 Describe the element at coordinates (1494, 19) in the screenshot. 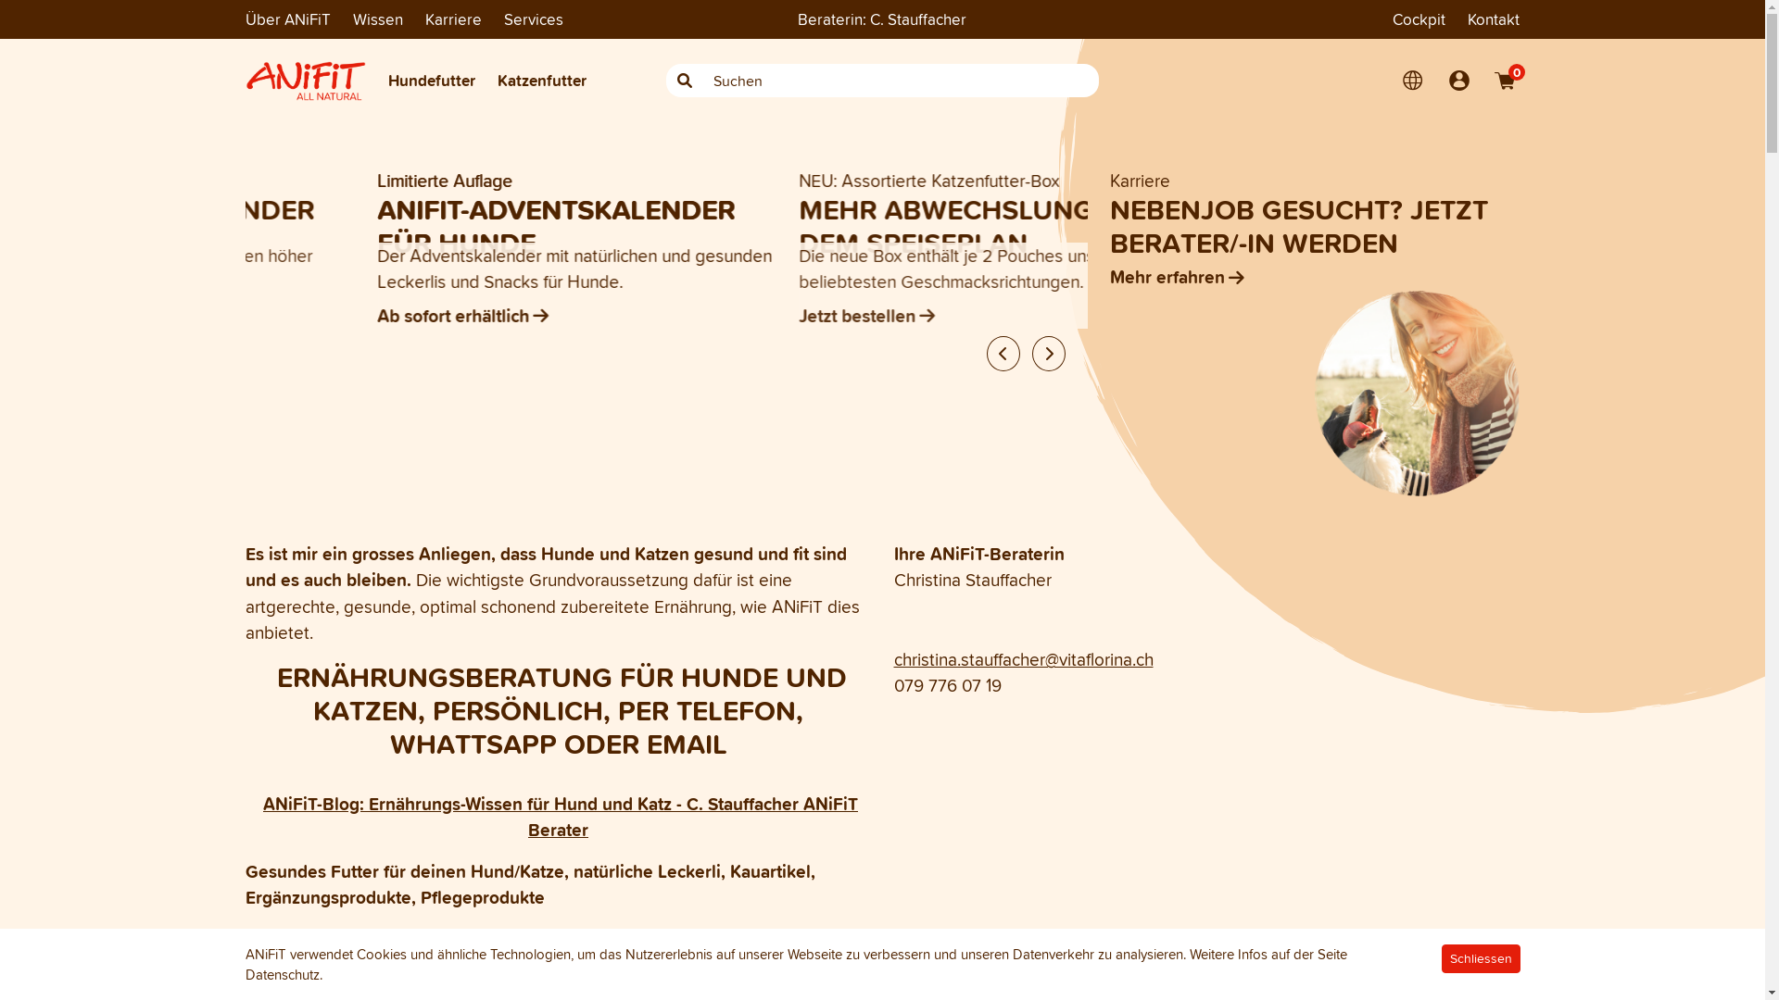

I see `'Kontakt'` at that location.